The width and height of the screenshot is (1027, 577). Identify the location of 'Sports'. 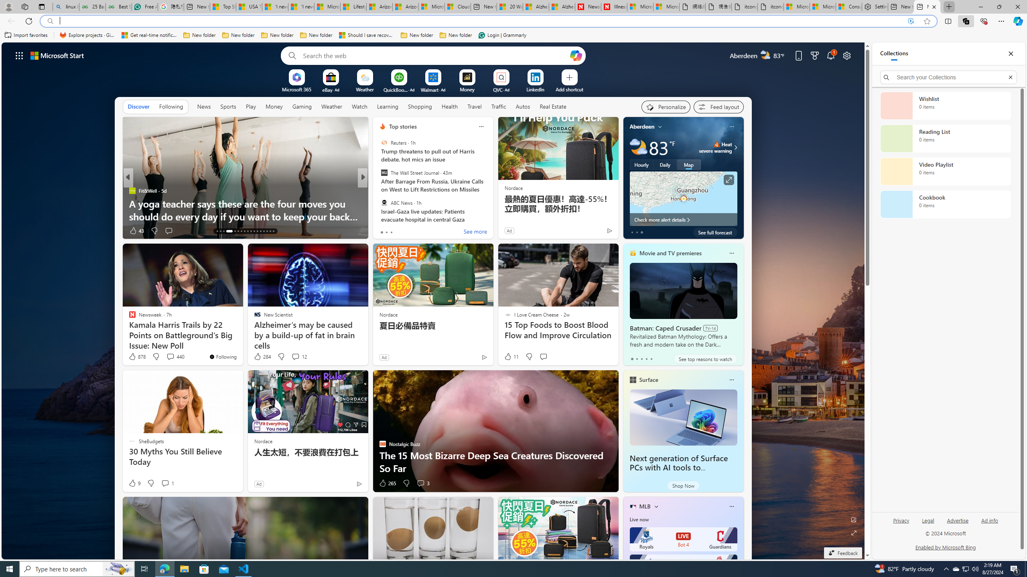
(228, 106).